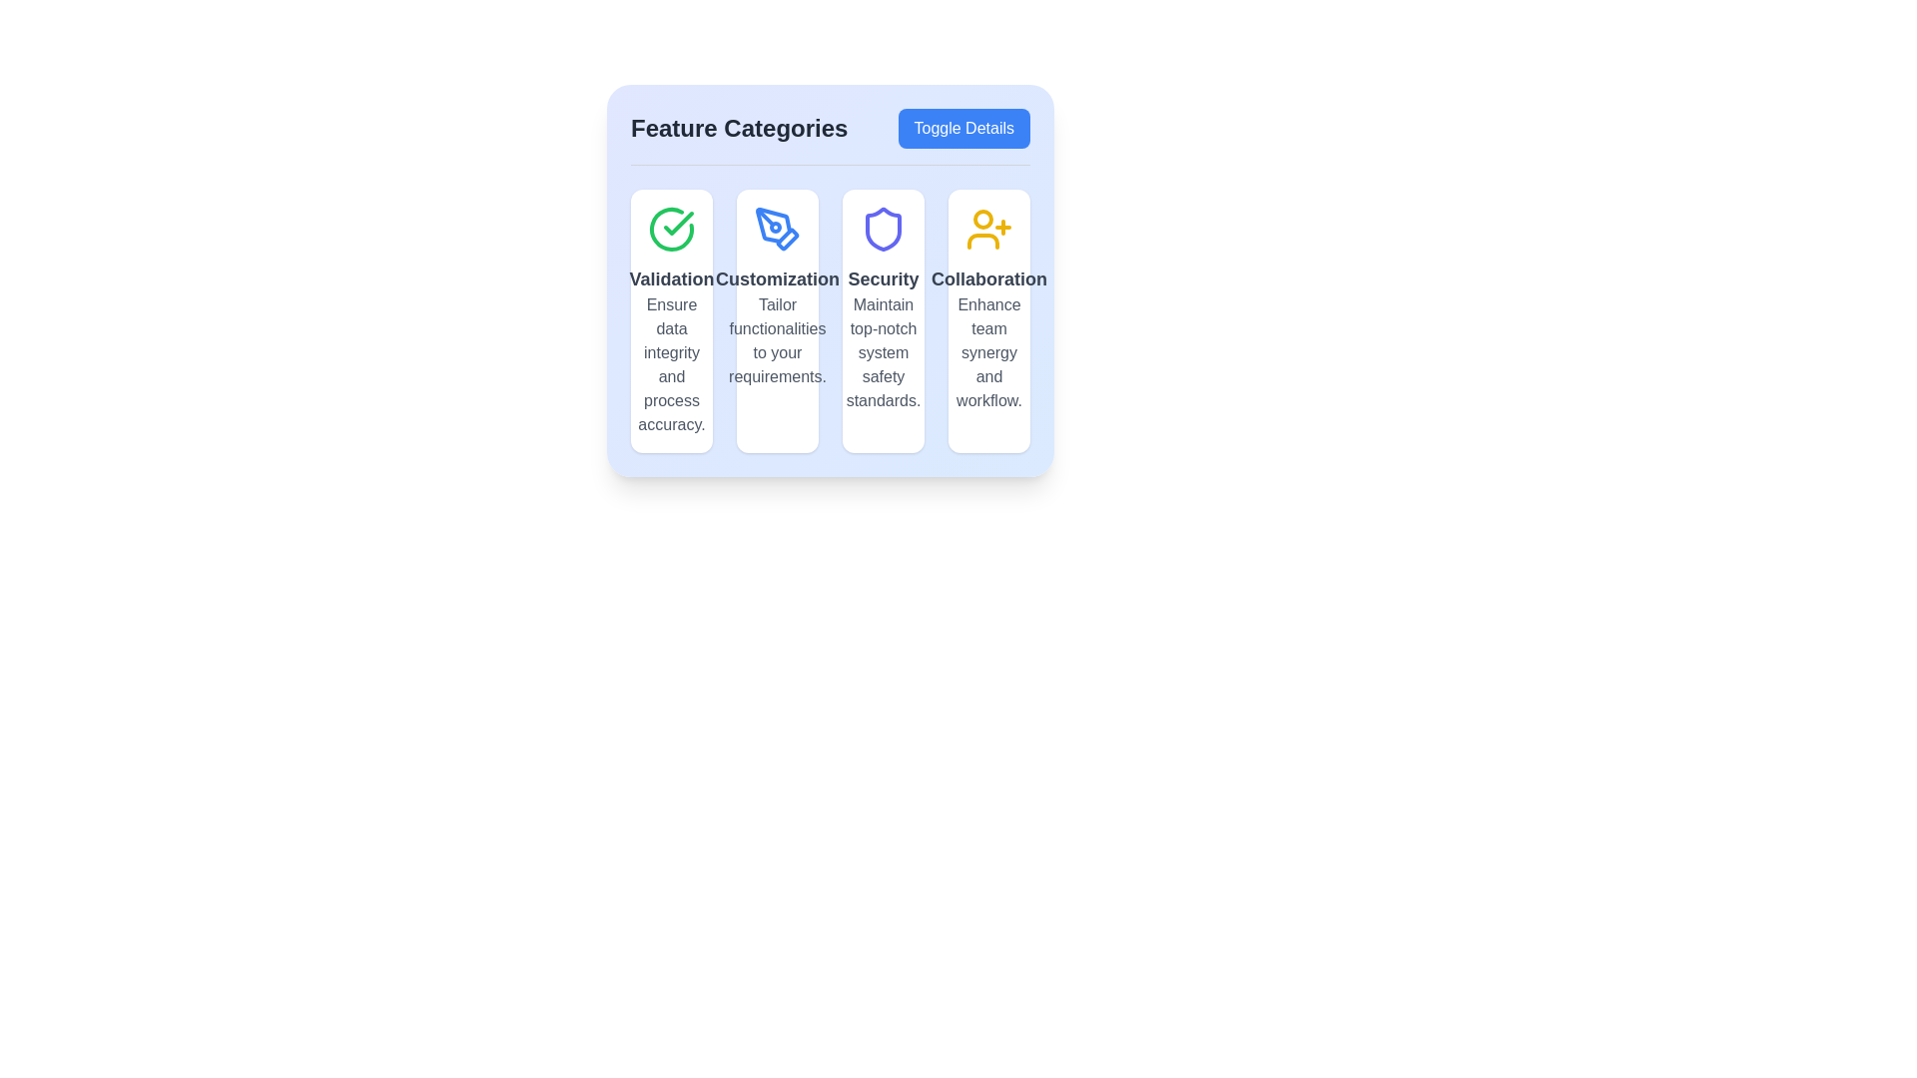 The image size is (1917, 1078). I want to click on descriptive text from the second informational card about the 'Customization' feature, located in the top row of the card grid between the 'Validation' and 'Security' cards, so click(776, 319).